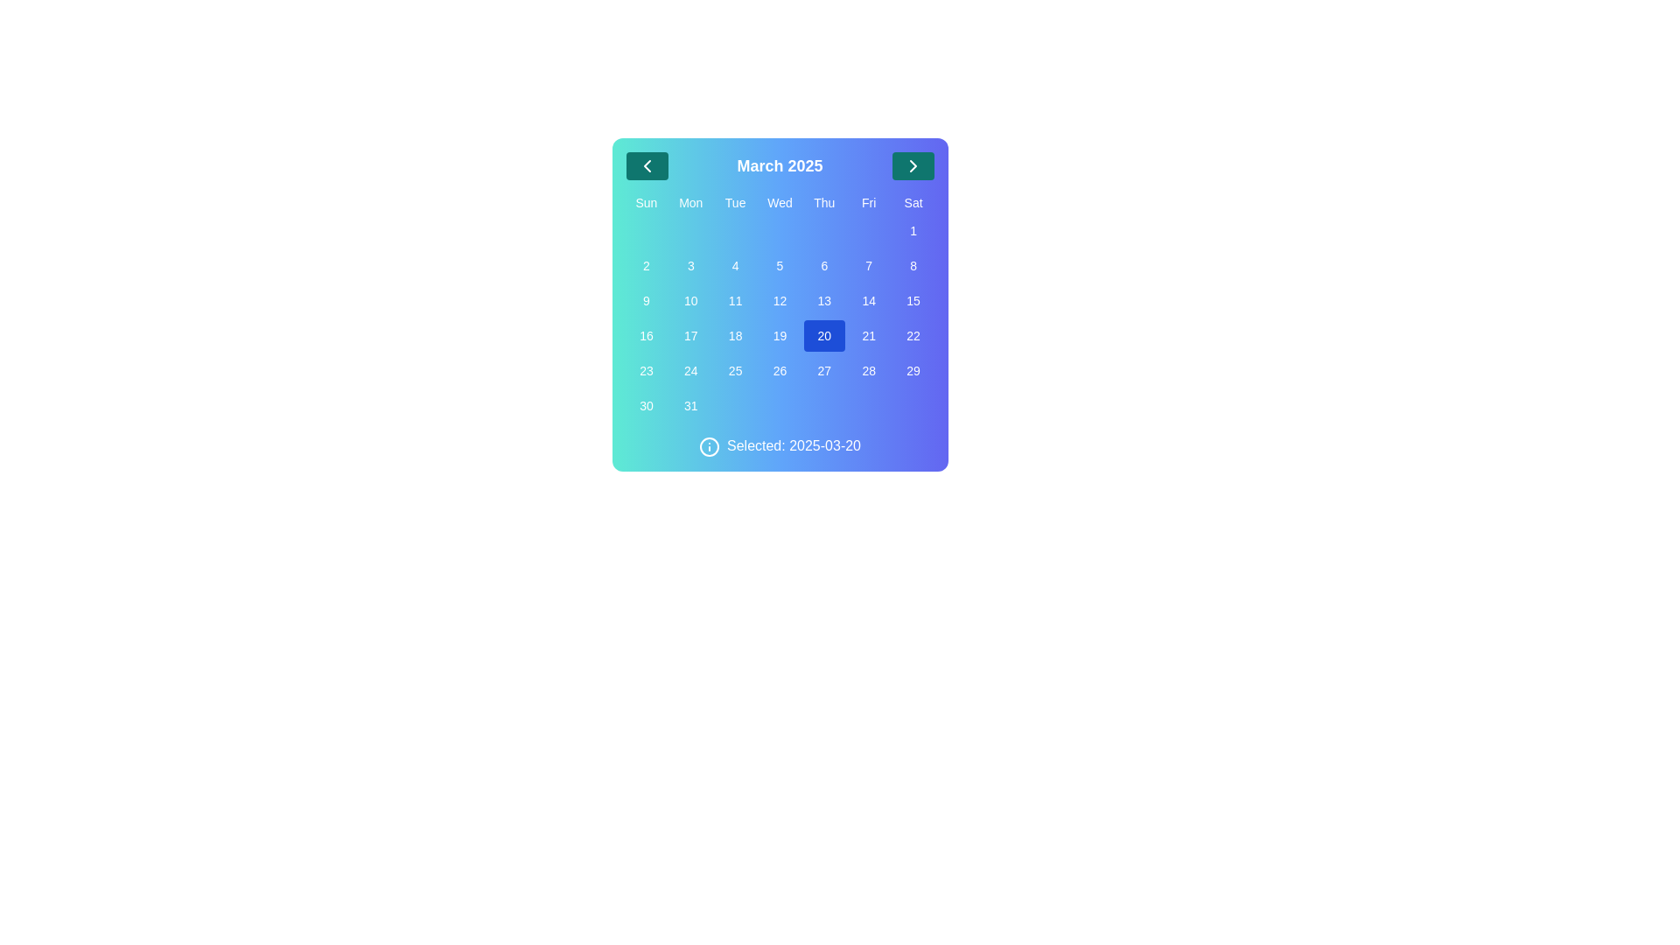 This screenshot has width=1680, height=945. Describe the element at coordinates (646, 336) in the screenshot. I see `the button representing the date 16th in the calendar grid under the week header 'Sun', located in the fourth row and the first column` at that location.